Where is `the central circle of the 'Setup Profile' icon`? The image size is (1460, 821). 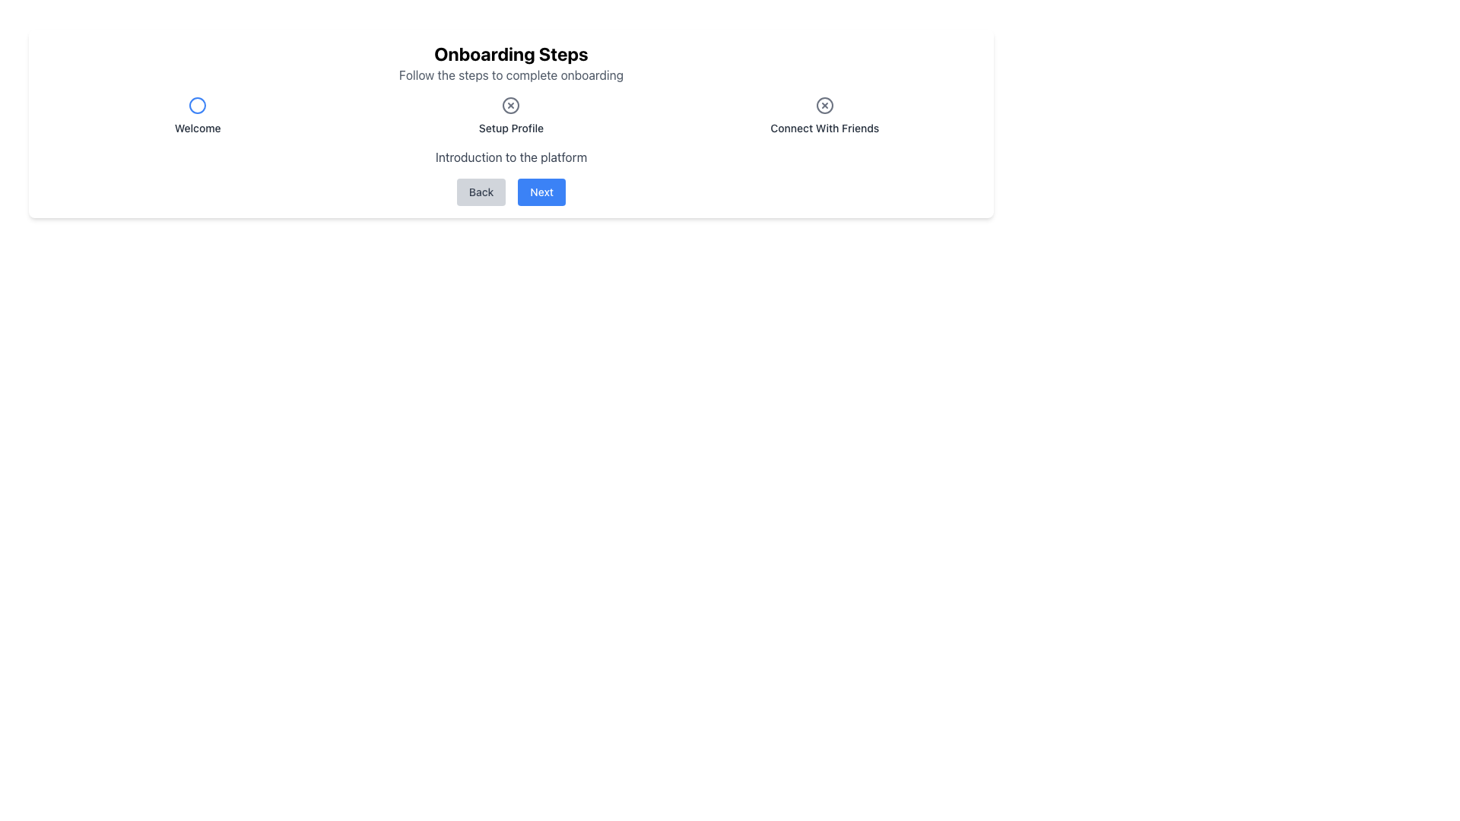
the central circle of the 'Setup Profile' icon is located at coordinates (511, 104).